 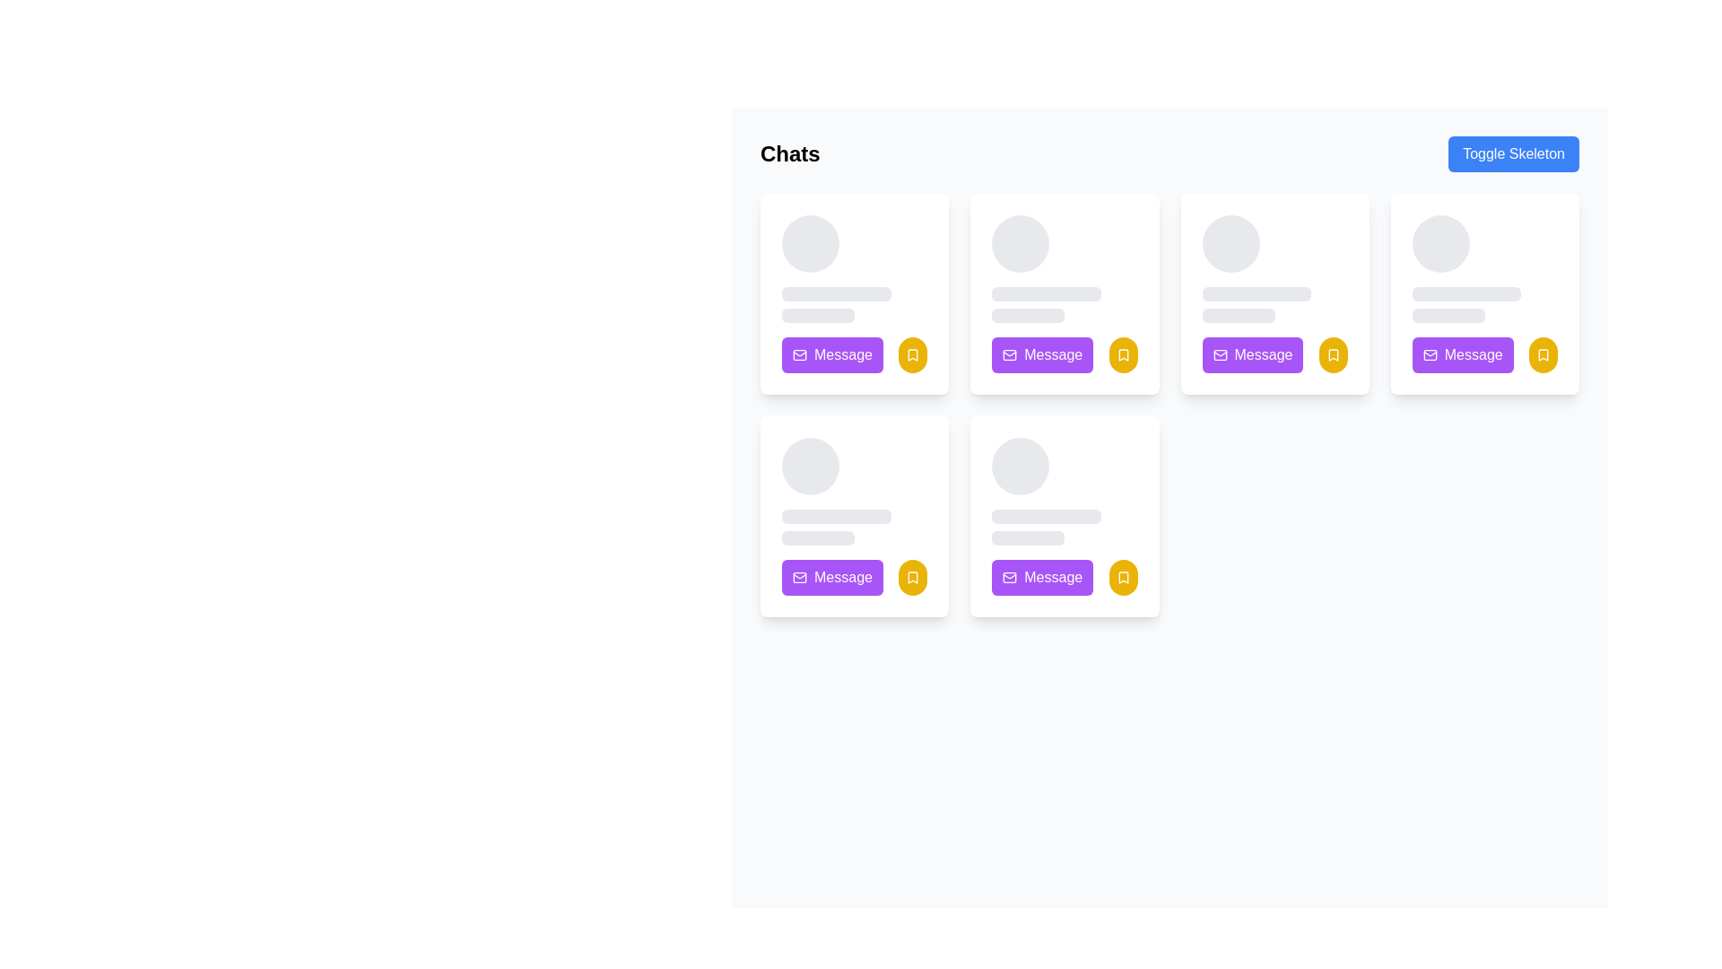 What do you see at coordinates (854, 491) in the screenshot?
I see `the loading placeholder for the user profile card located in the 'Chats' content area, specifically in the second row and first column of the card layout` at bounding box center [854, 491].